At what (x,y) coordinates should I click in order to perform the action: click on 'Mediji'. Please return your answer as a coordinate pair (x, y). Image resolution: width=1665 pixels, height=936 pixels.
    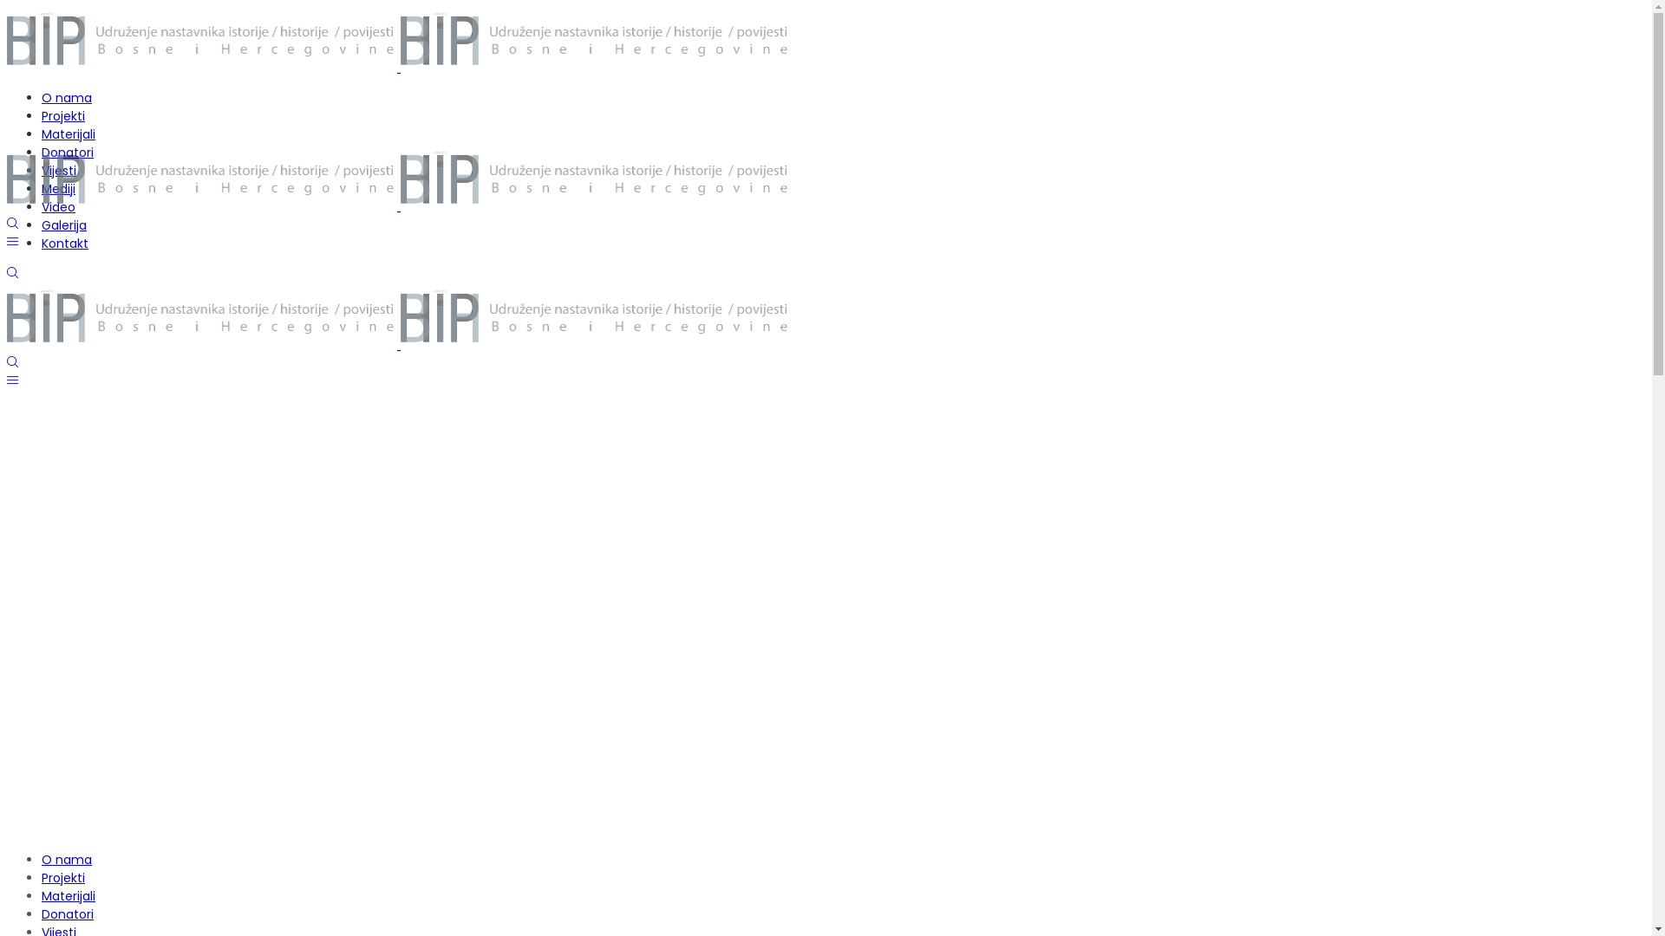
    Looking at the image, I should click on (58, 189).